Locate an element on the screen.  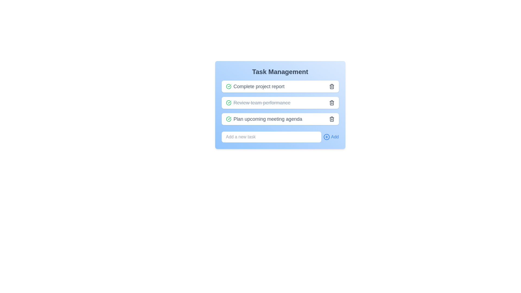
the trash can icon for deletion operations in the 'Complete project report' task row is located at coordinates (331, 86).